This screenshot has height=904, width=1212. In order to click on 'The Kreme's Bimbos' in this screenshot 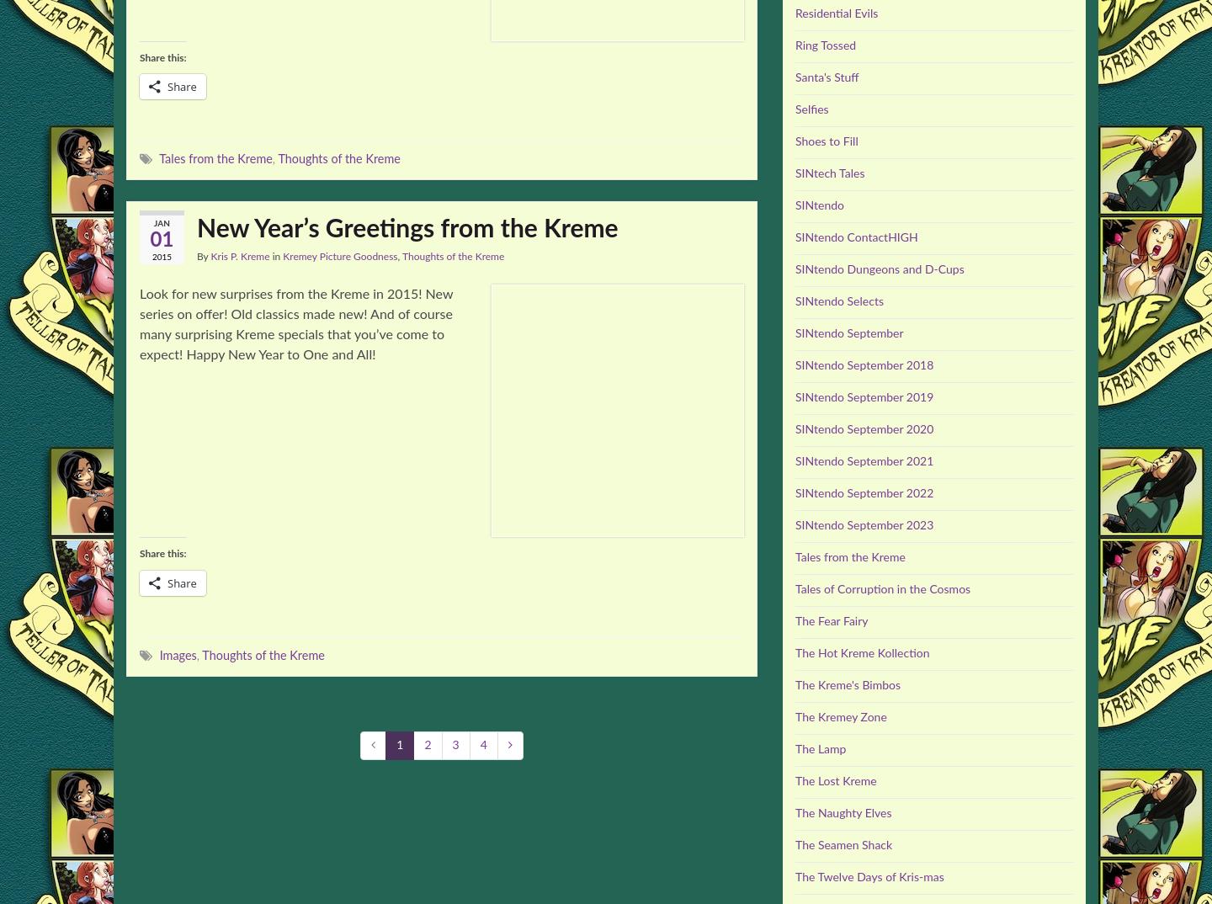, I will do `click(847, 685)`.